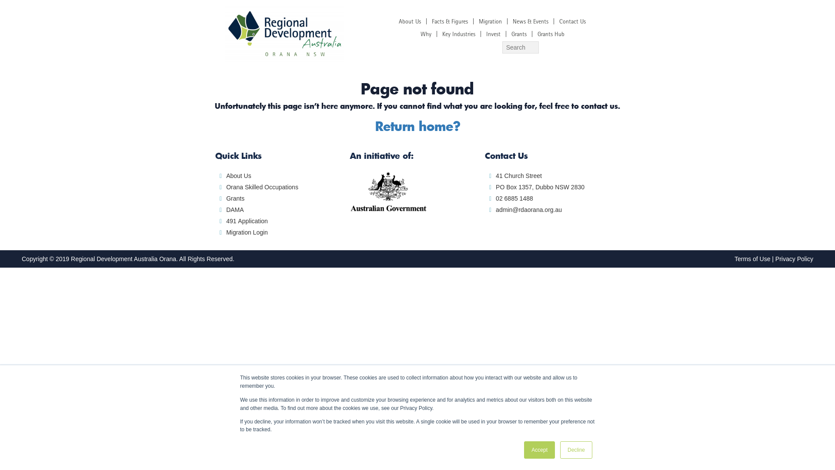 The width and height of the screenshot is (835, 470). Describe the element at coordinates (409, 21) in the screenshot. I see `'About Us'` at that location.